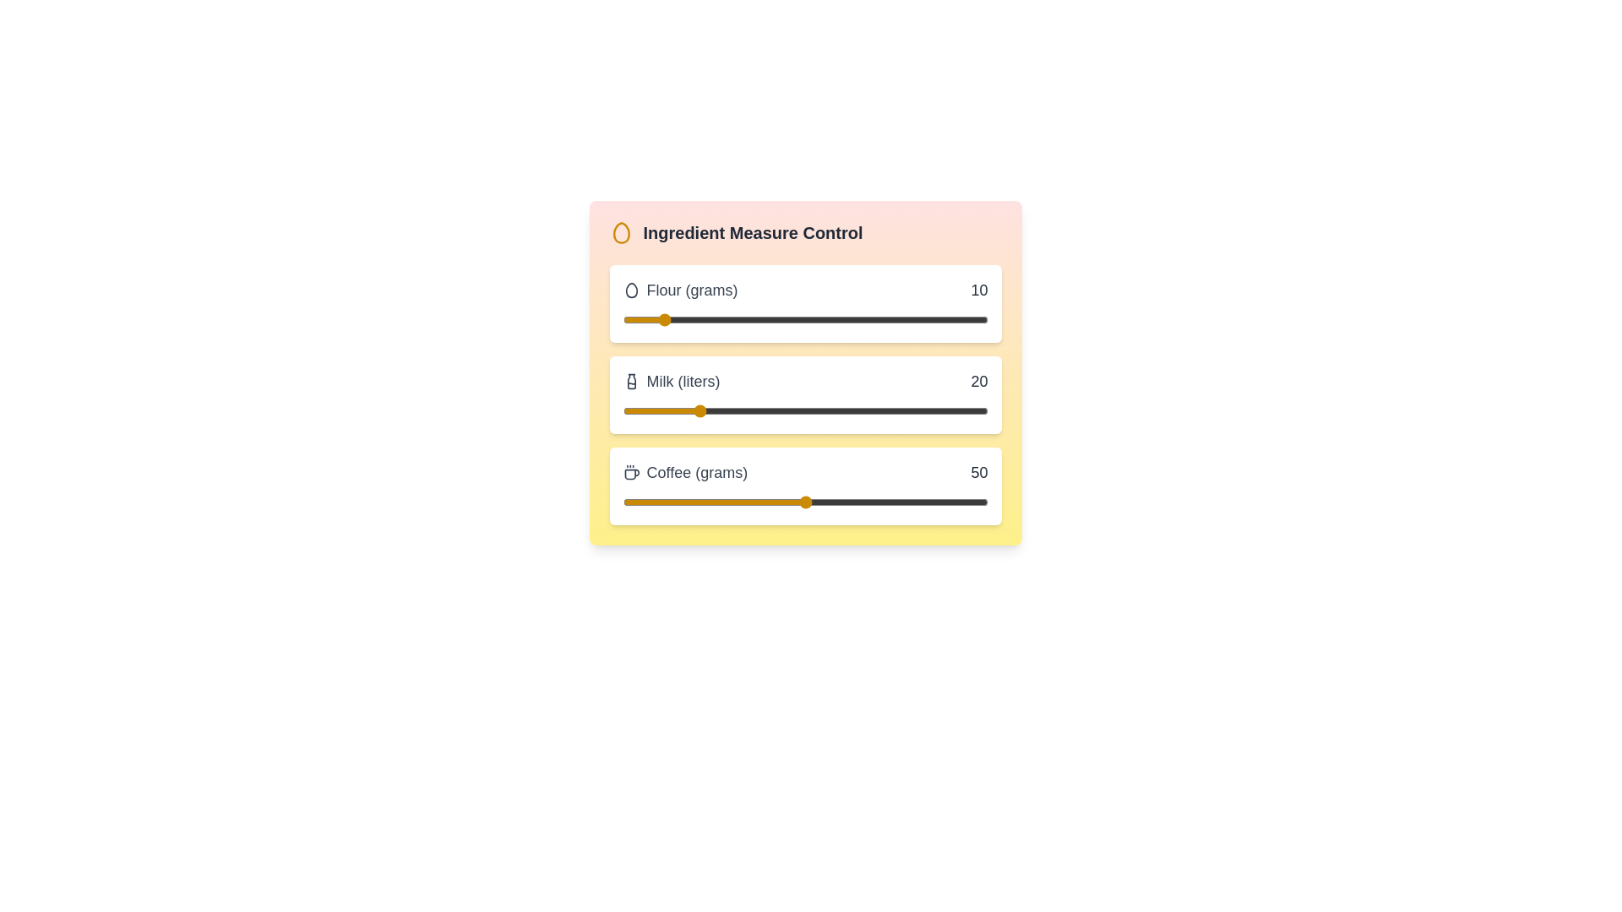 Image resolution: width=1622 pixels, height=912 pixels. I want to click on the milk quantity, so click(672, 410).